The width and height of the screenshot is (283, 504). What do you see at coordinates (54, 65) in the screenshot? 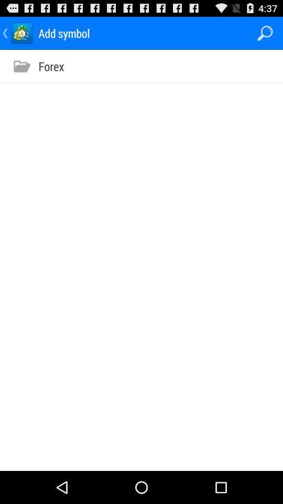
I see `the forex` at bounding box center [54, 65].